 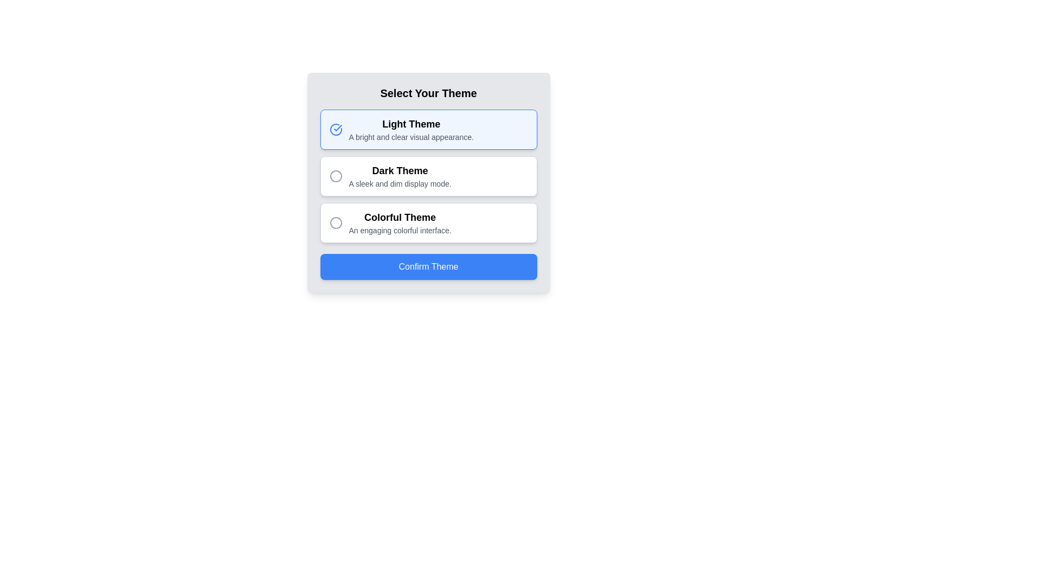 I want to click on the static text element reading 'An engaging colorful interface.' located below 'Colorful Theme' in the 'Select Your Theme' interface, so click(x=400, y=230).